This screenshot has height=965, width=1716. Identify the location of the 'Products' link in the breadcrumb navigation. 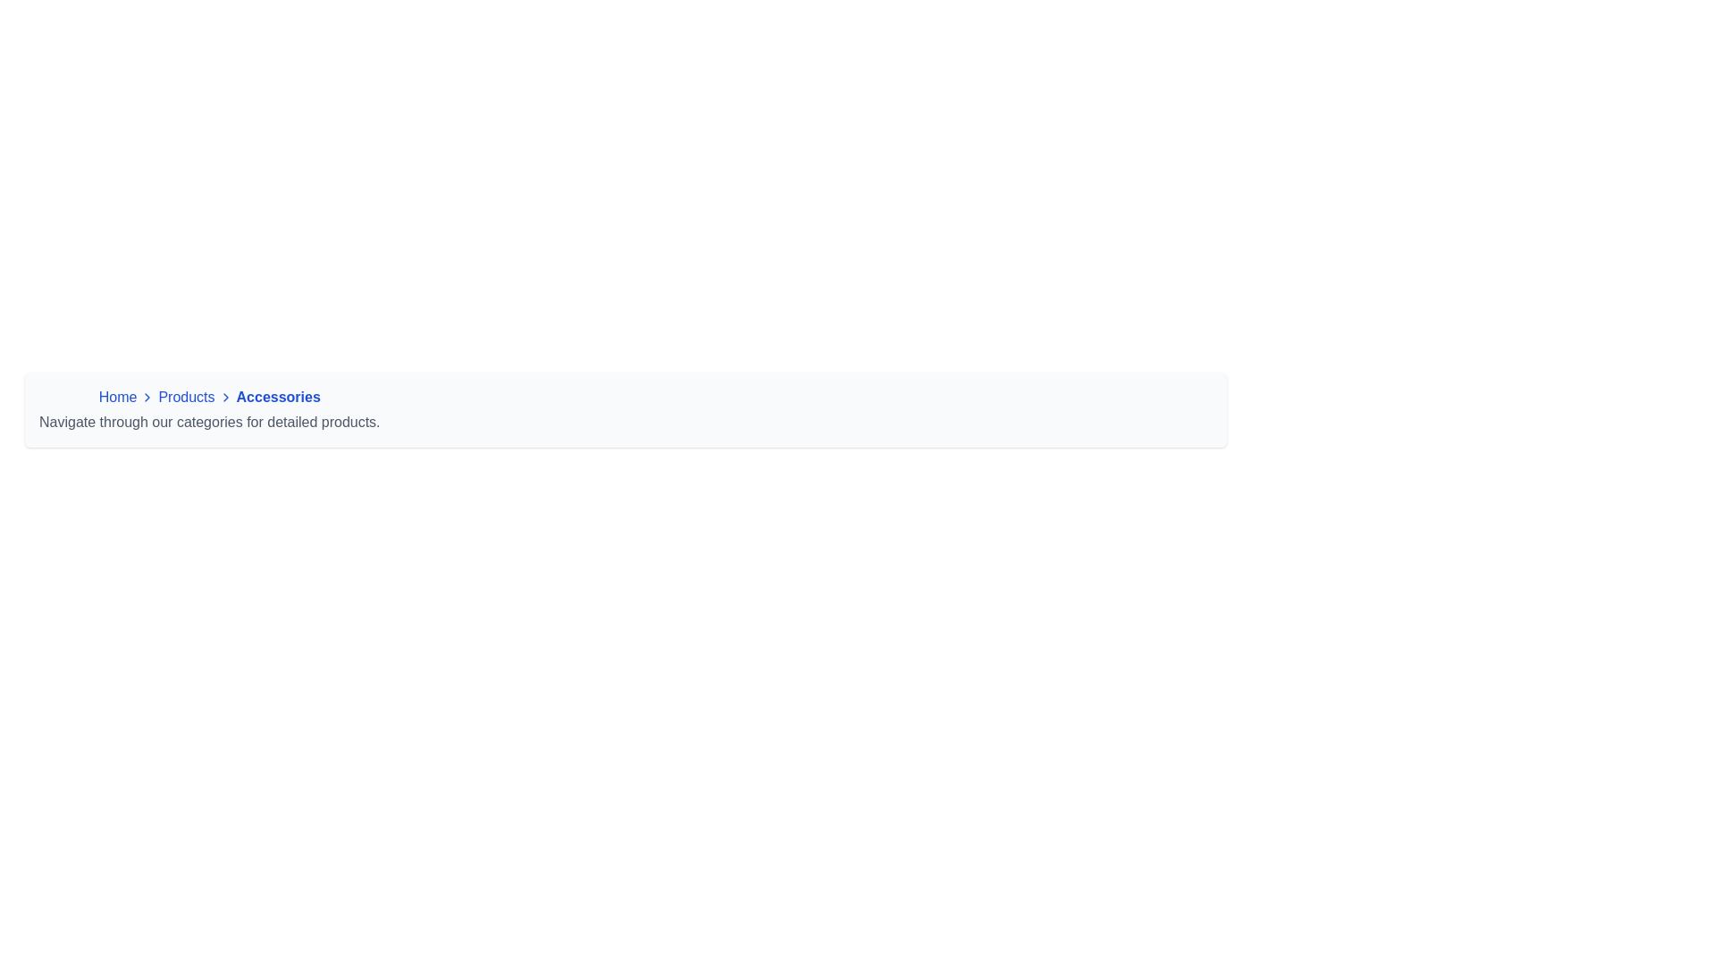
(209, 410).